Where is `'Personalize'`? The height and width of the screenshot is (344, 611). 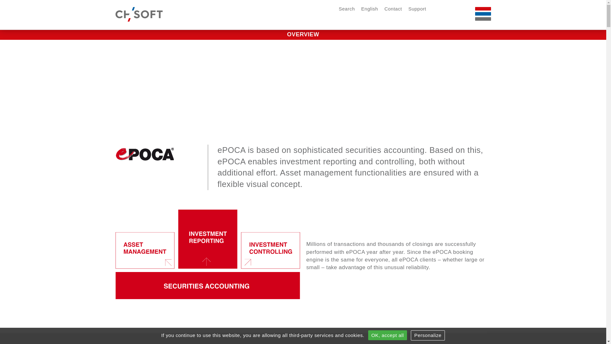
'Personalize' is located at coordinates (411, 335).